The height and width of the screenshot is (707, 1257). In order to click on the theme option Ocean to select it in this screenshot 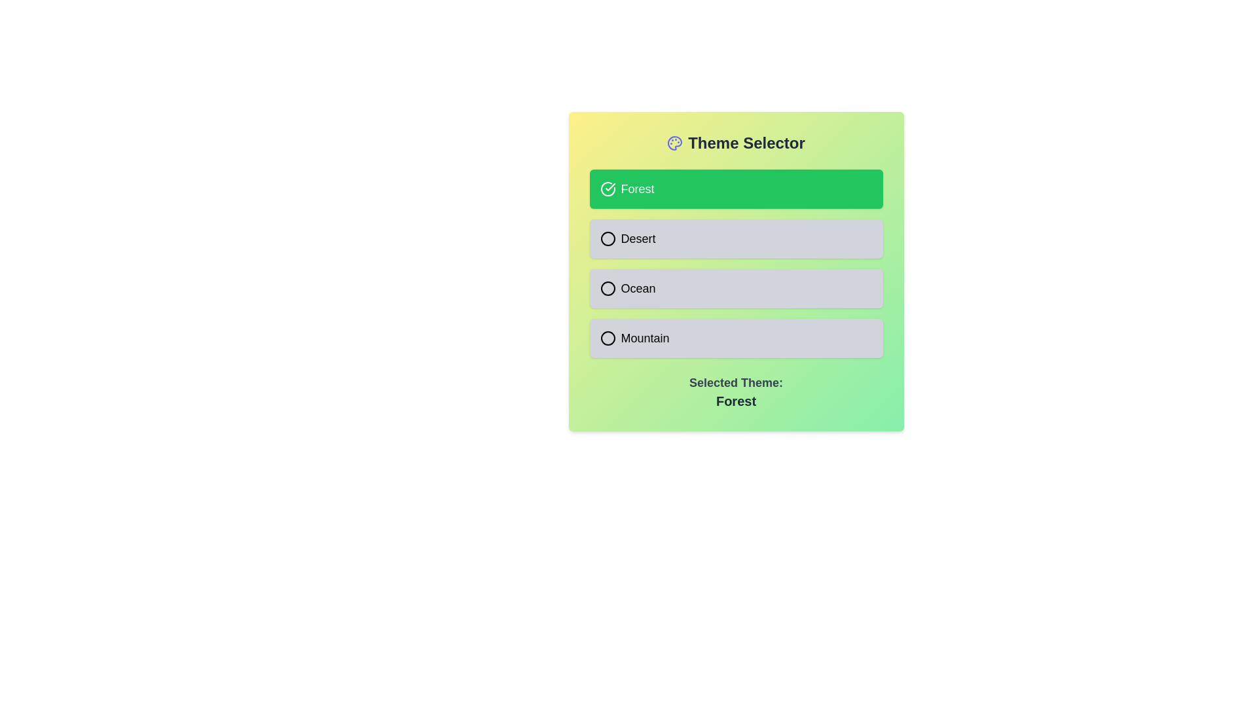, I will do `click(736, 287)`.